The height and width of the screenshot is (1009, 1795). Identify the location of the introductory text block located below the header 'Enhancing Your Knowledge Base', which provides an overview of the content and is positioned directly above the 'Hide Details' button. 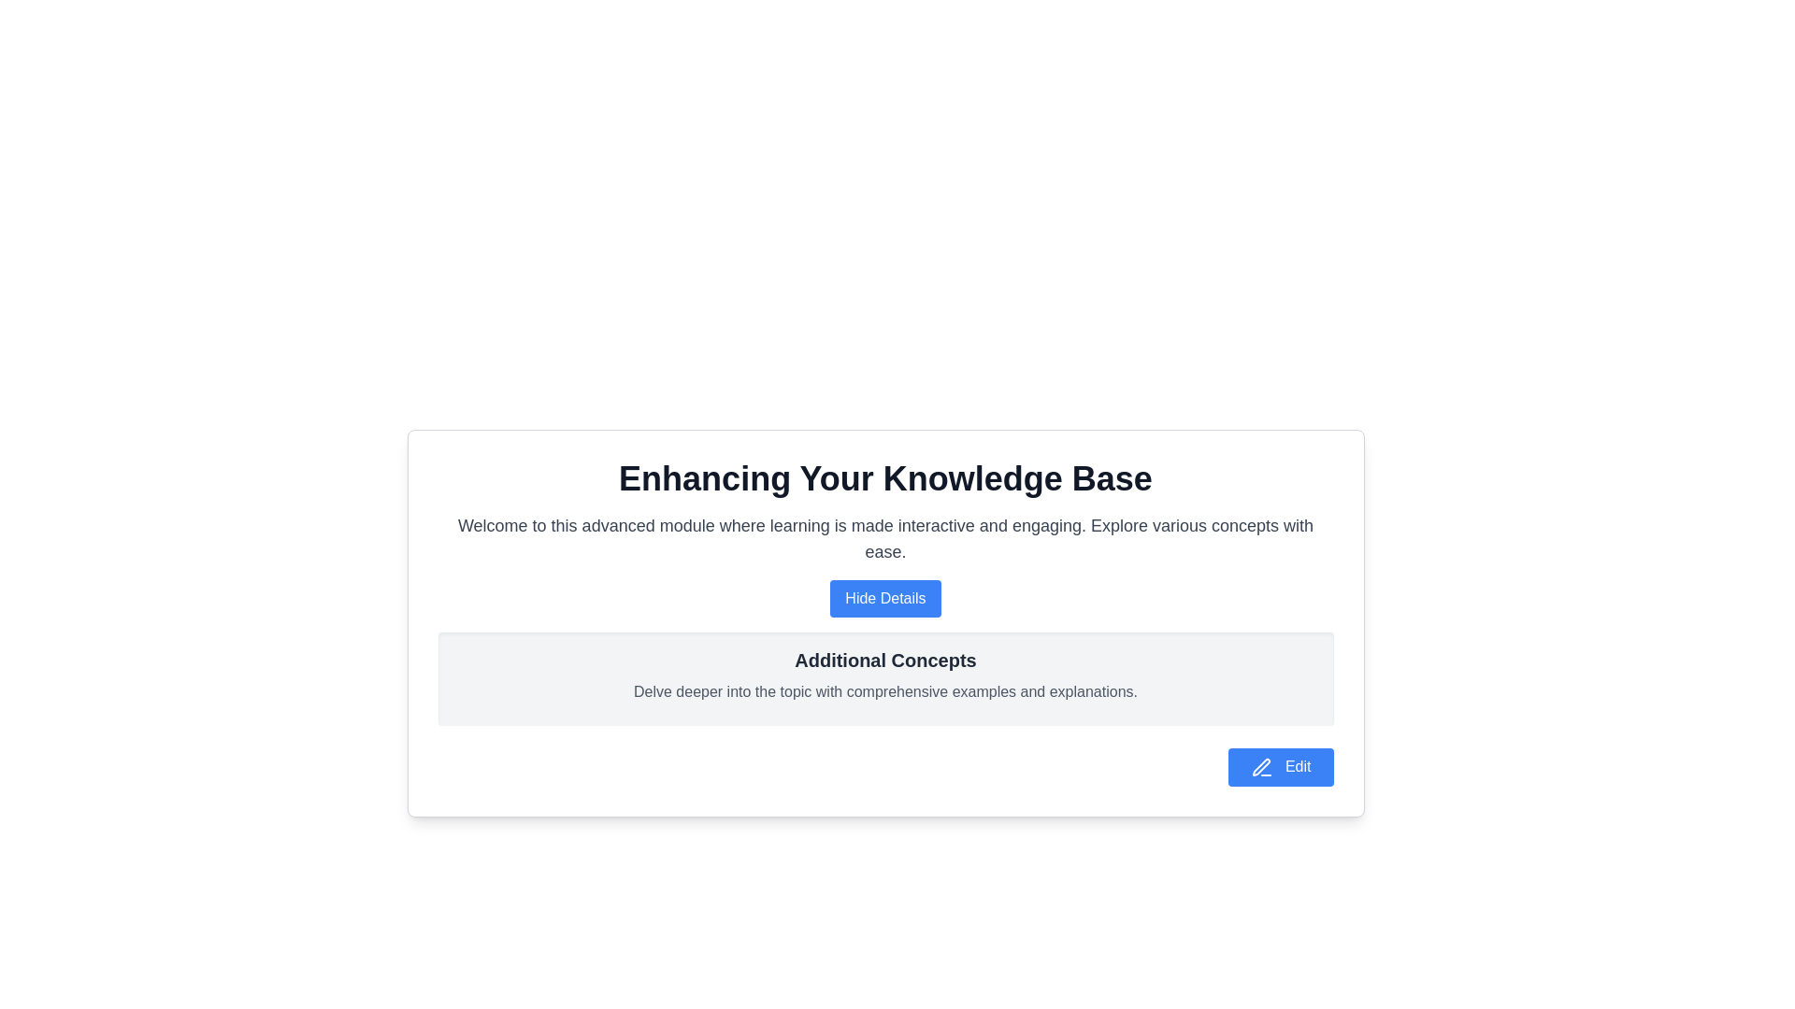
(884, 539).